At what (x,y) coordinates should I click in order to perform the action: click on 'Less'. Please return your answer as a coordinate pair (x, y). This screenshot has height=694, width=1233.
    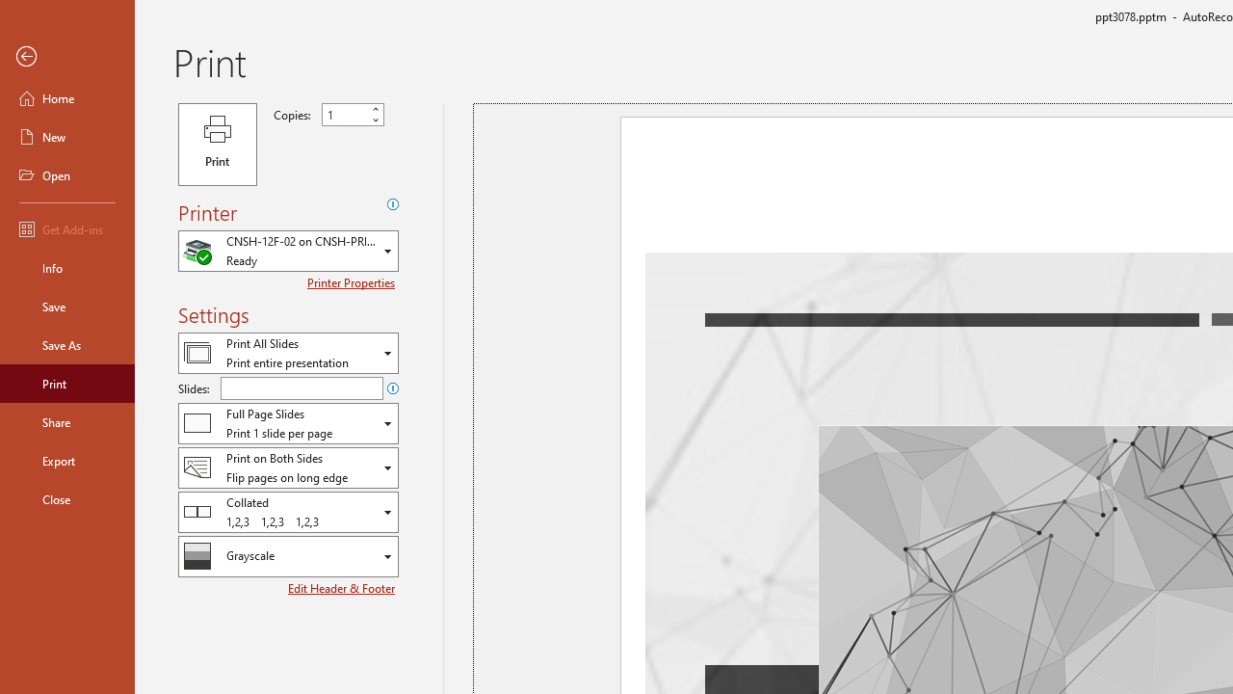
    Looking at the image, I should click on (375, 120).